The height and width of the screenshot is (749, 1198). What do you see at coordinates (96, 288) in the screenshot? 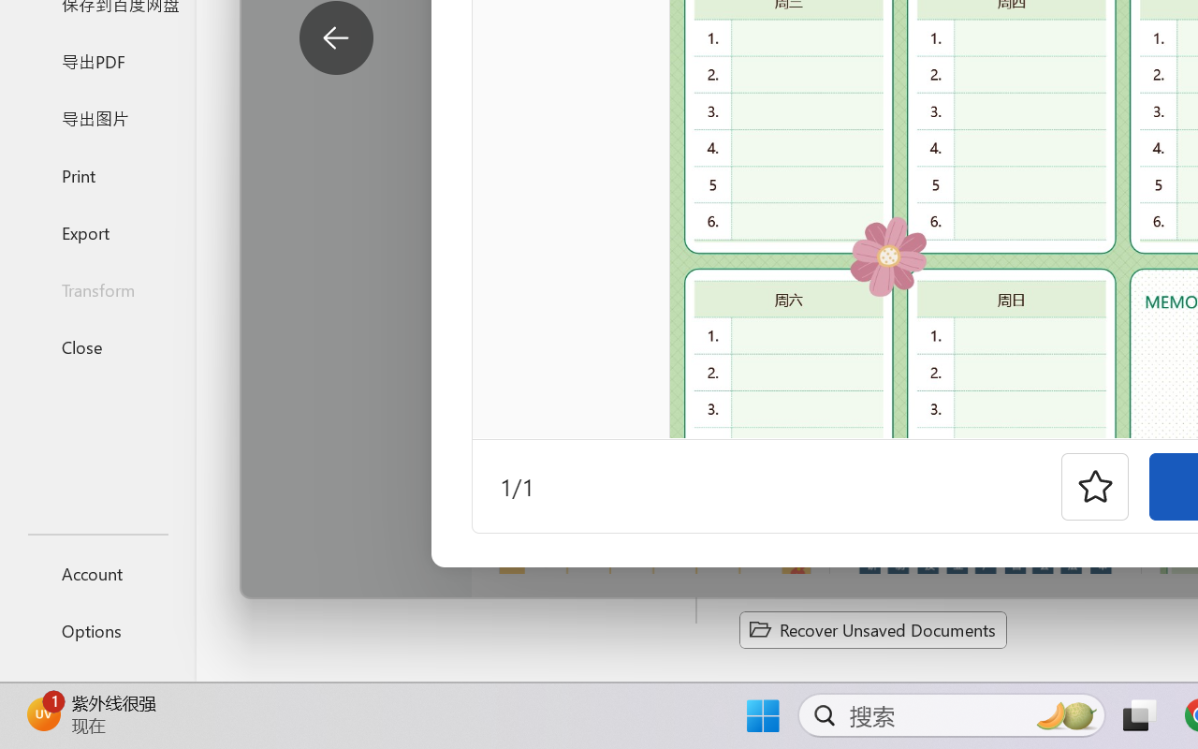
I see `'Transform'` at bounding box center [96, 288].